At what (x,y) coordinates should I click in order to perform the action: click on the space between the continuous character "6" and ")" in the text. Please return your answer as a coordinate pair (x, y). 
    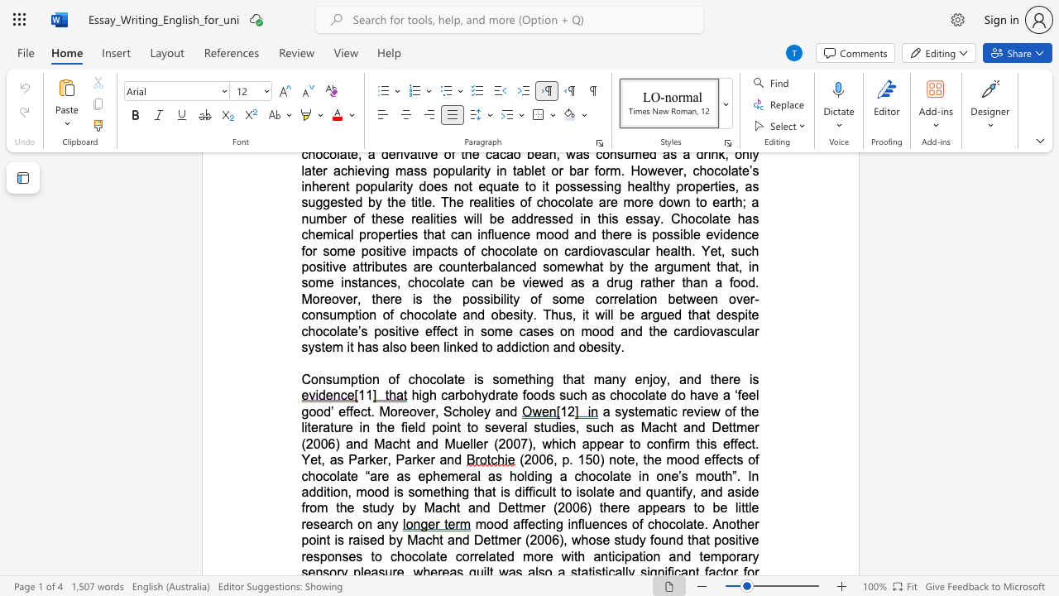
    Looking at the image, I should click on (333, 443).